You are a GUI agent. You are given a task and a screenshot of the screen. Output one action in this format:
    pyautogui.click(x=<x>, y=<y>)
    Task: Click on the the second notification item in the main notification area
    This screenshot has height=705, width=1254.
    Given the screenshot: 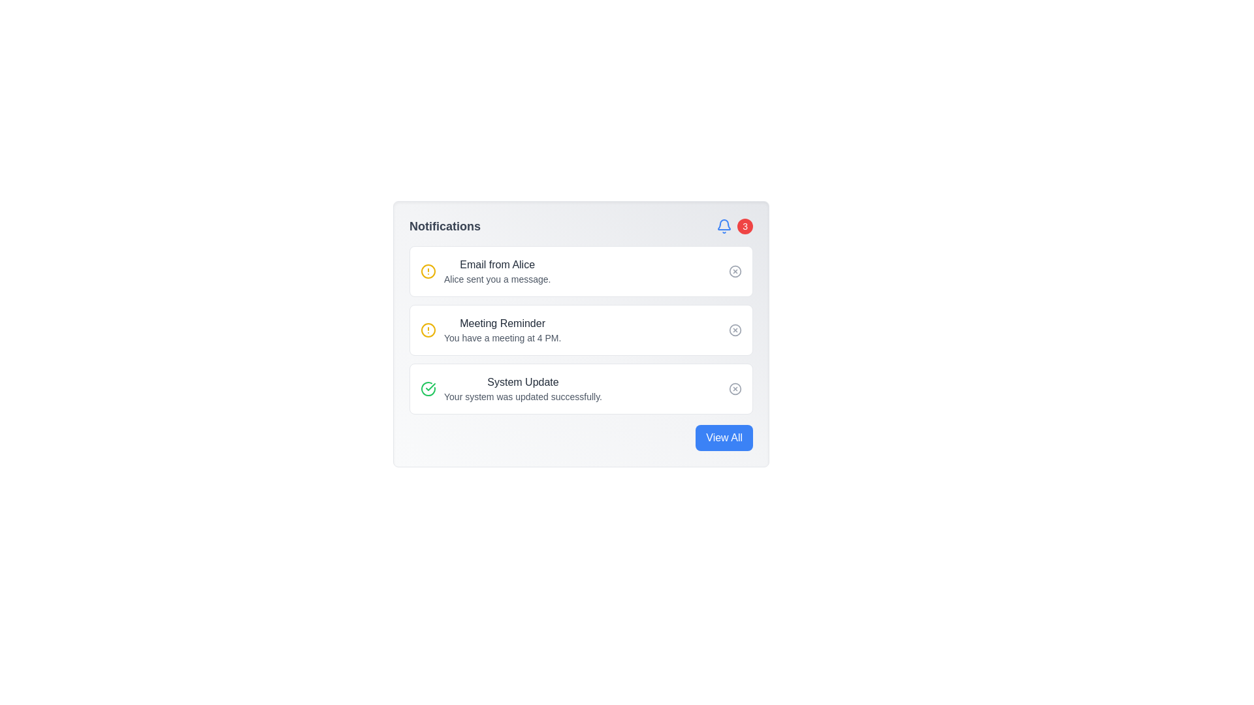 What is the action you would take?
    pyautogui.click(x=490, y=329)
    